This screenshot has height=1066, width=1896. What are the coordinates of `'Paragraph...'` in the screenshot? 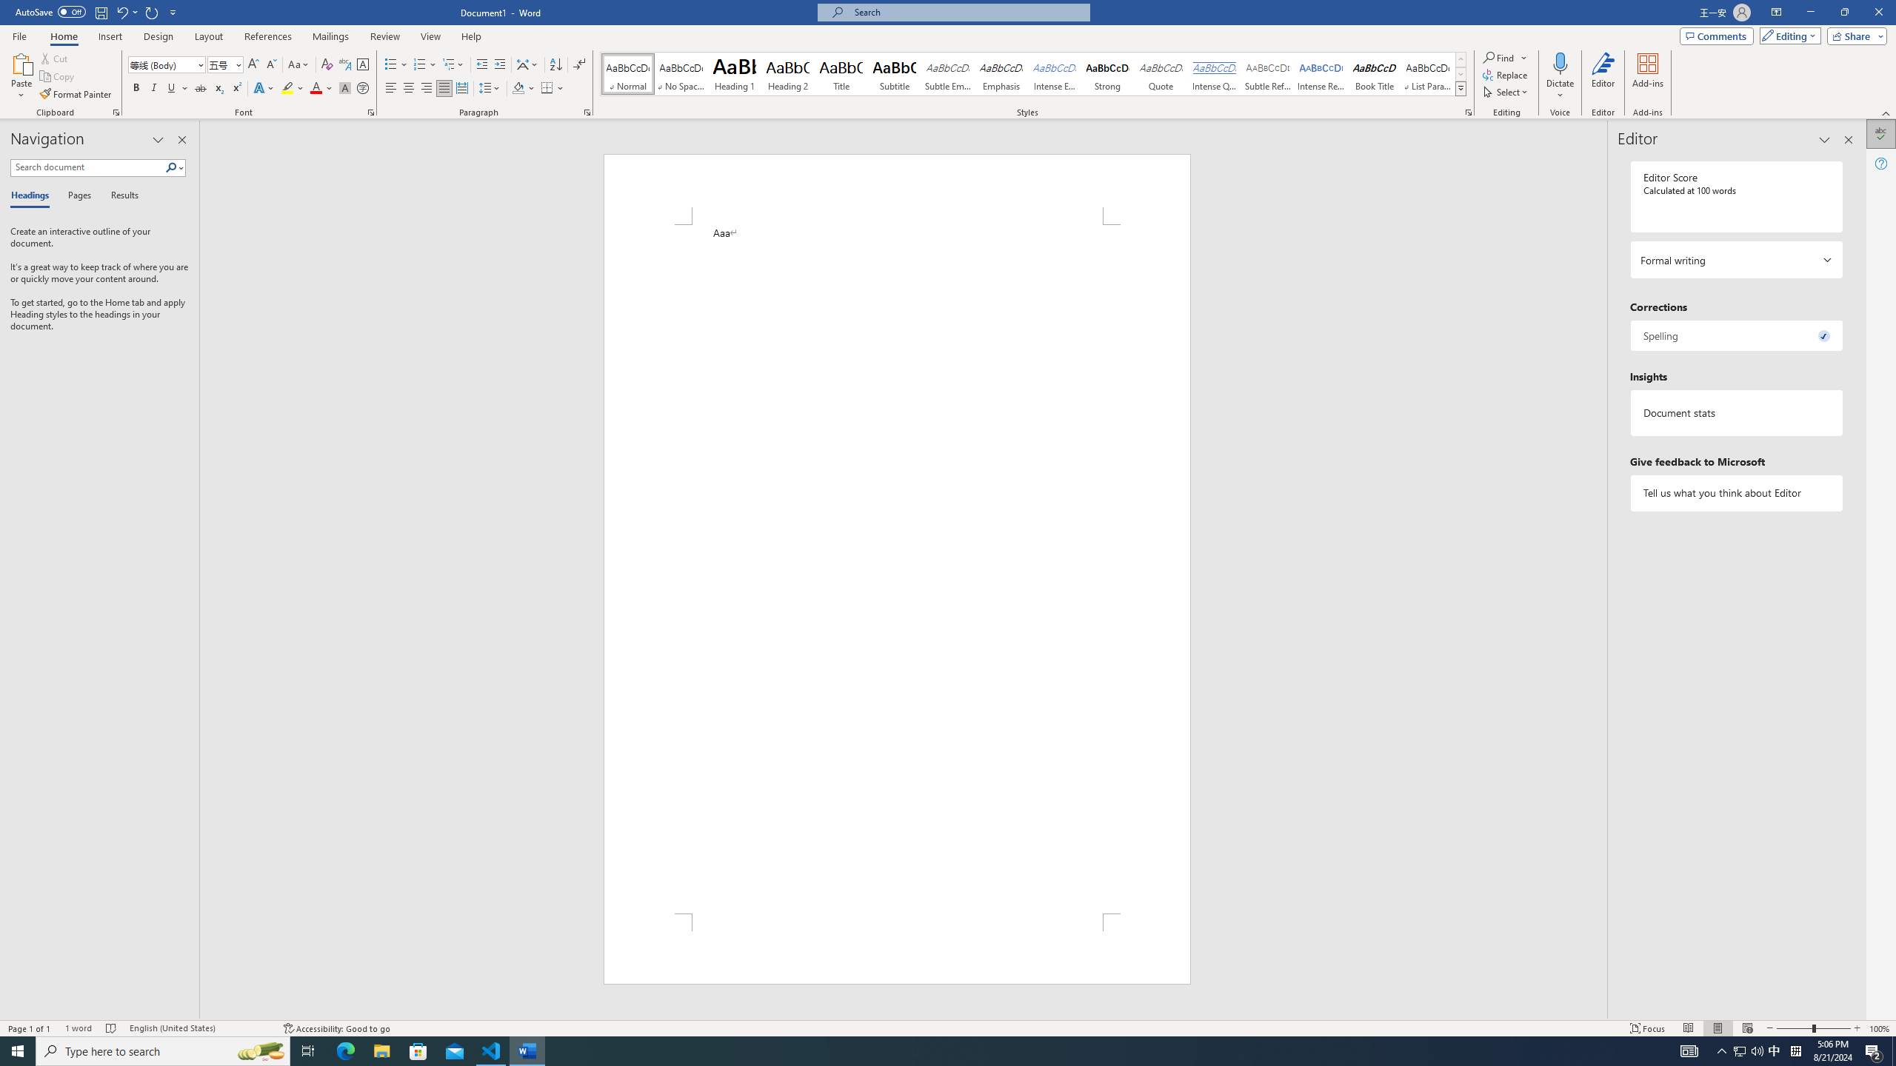 It's located at (587, 111).